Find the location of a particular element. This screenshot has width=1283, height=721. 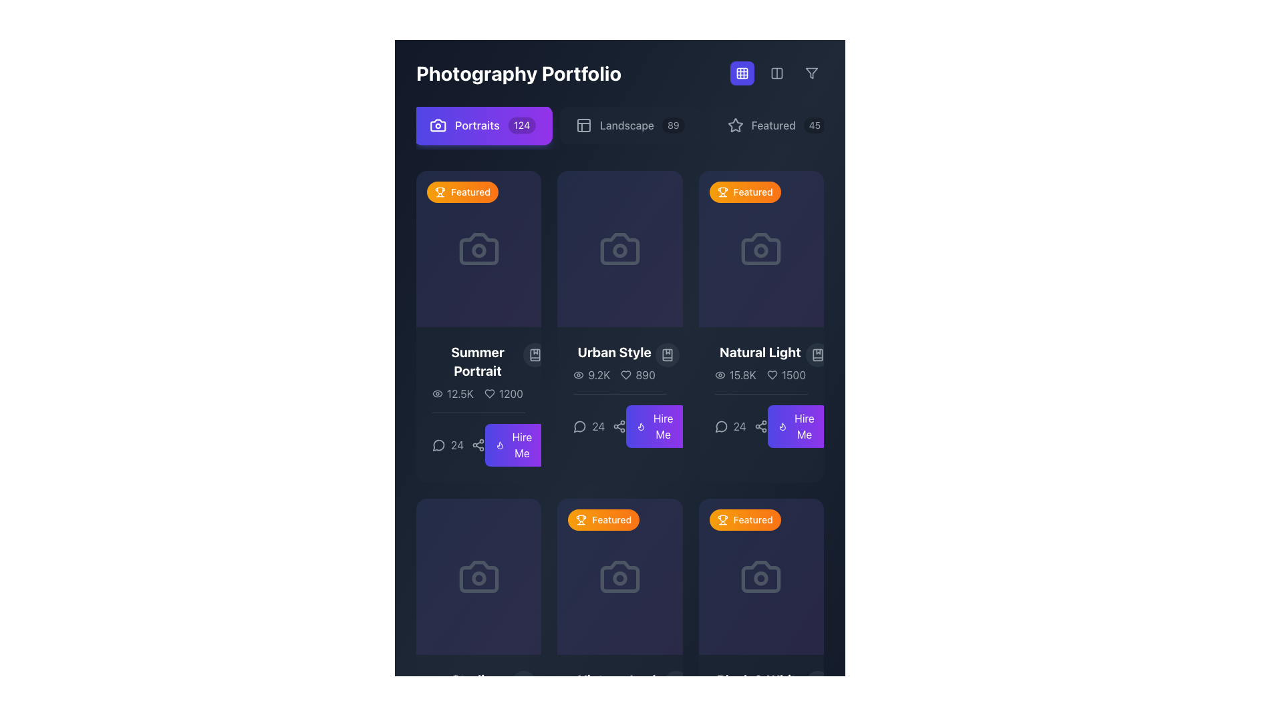

the camera icon located in the bottom-left section of the interface, specifically the first item in the third row of the grid layout is located at coordinates (478, 576).